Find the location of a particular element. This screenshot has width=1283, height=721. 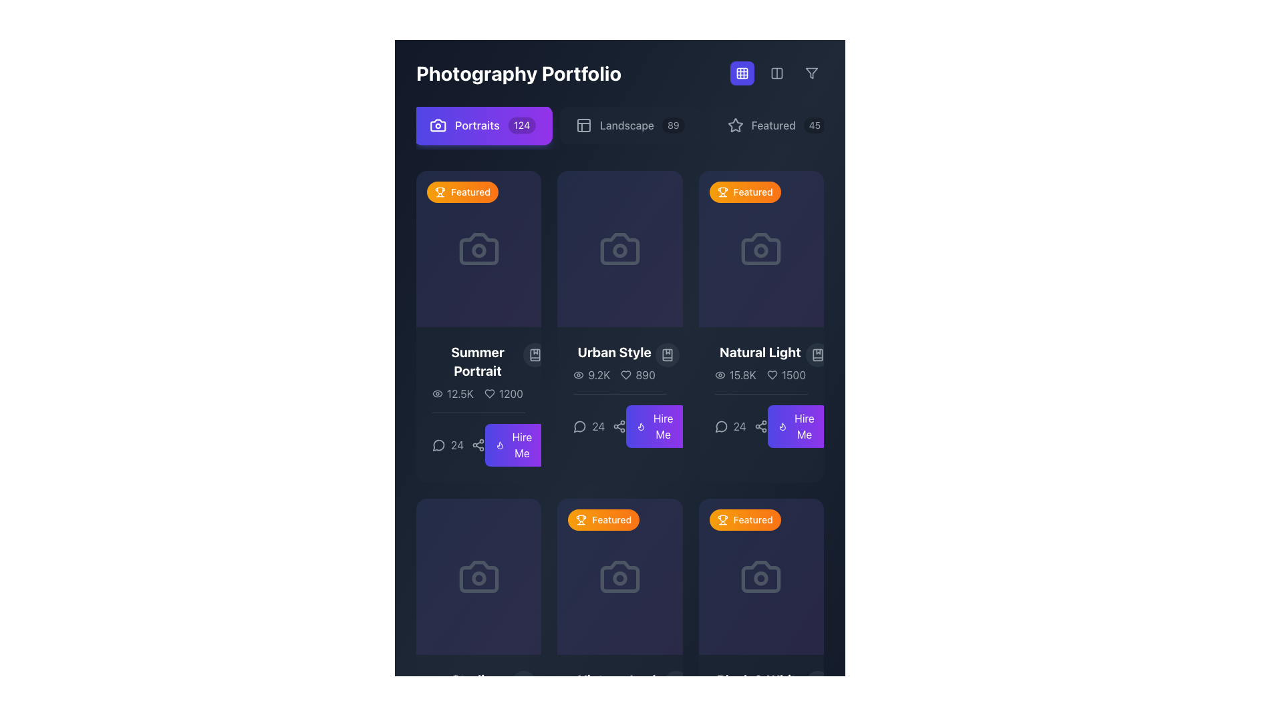

the camera icon located in the bottom-left section of the interface, specifically the first item in the third row of the grid layout is located at coordinates (478, 576).